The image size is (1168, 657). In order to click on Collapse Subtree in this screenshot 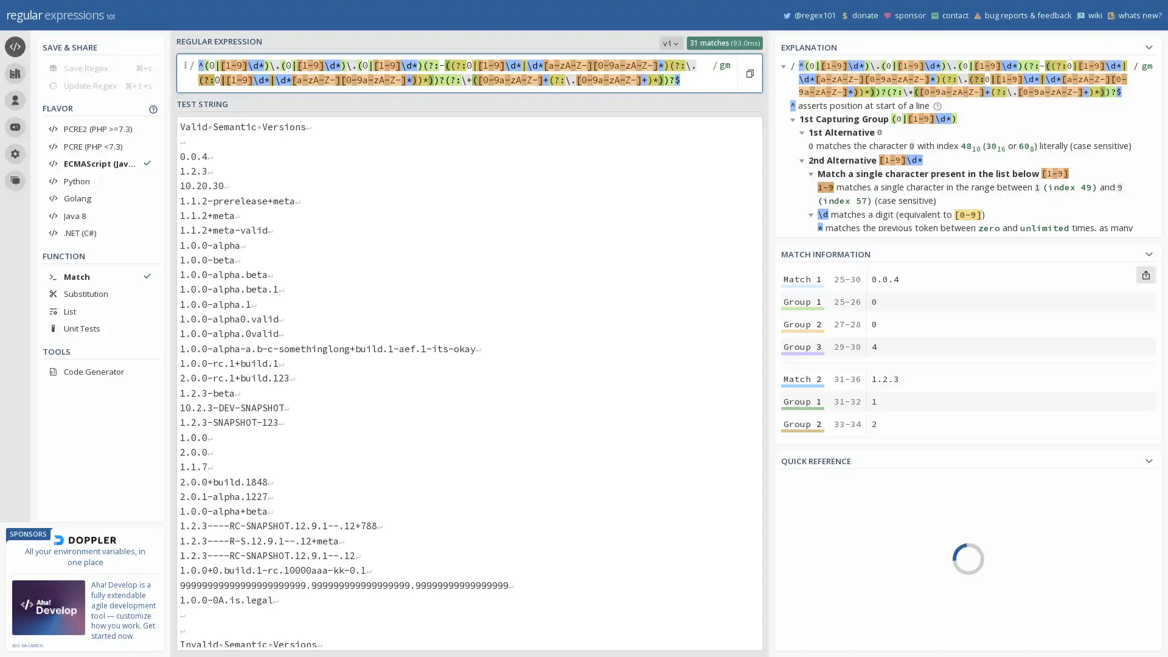, I will do `click(804, 132)`.